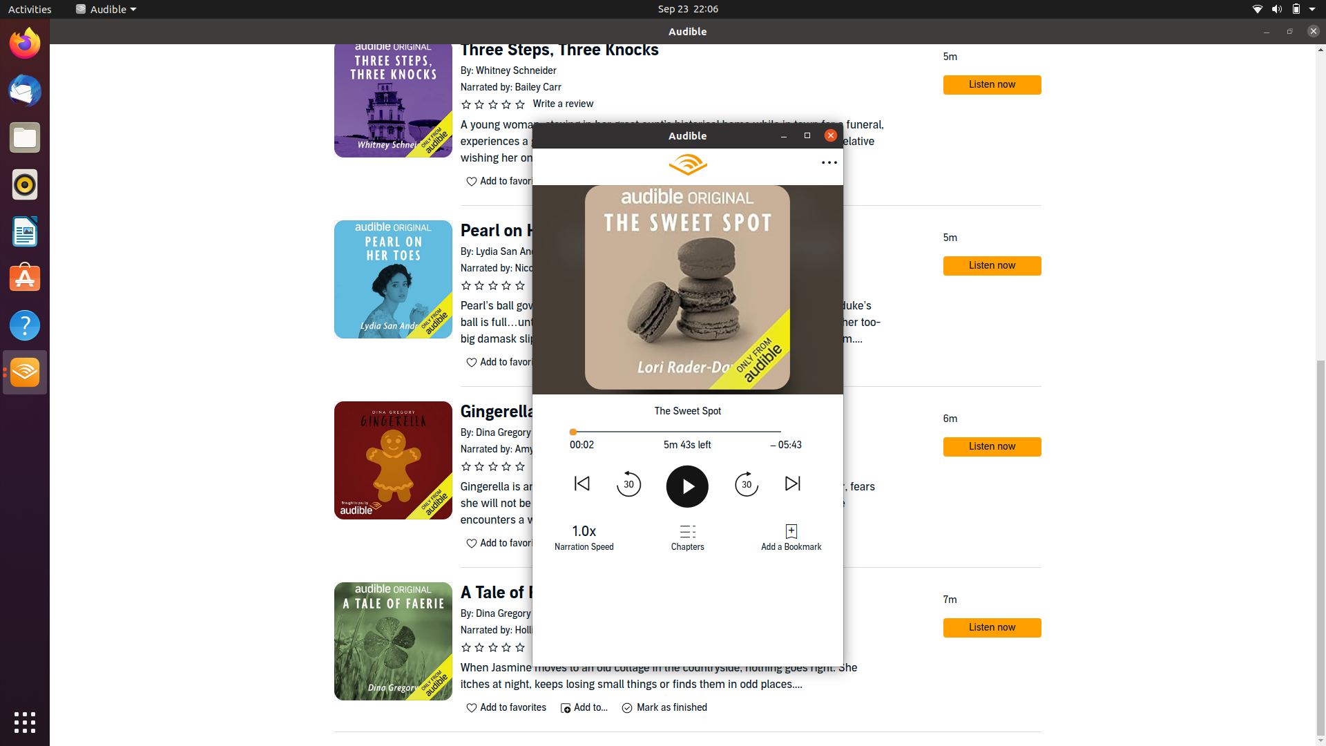 This screenshot has width=1326, height=746. I want to click on Roll back 1 minute (by pressing 30 seconds rewind button two times), so click(629, 482).